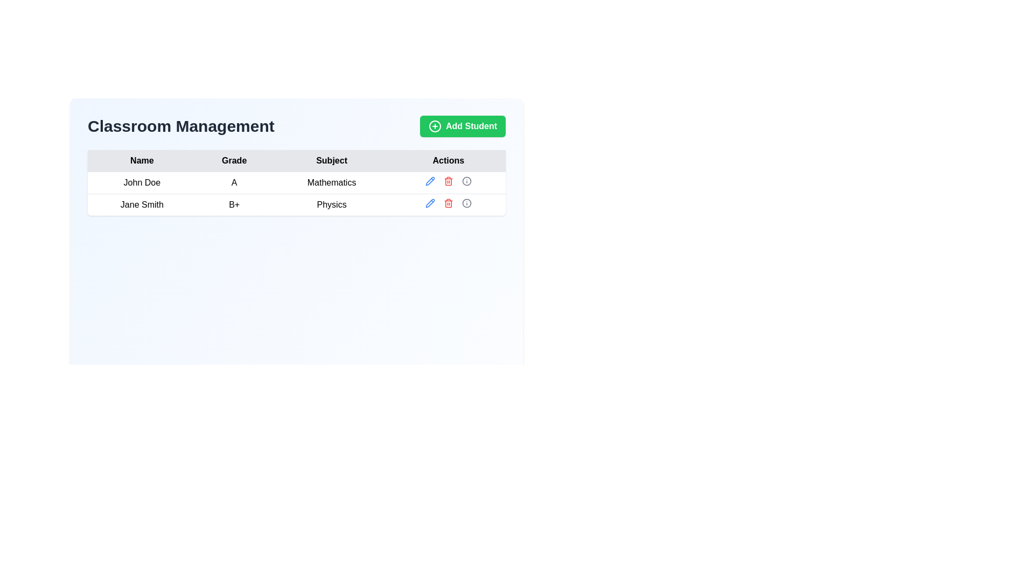 The height and width of the screenshot is (581, 1034). What do you see at coordinates (181, 126) in the screenshot?
I see `the Text Label that serves as the title for the section, located to the left of the 'Add Student' button` at bounding box center [181, 126].